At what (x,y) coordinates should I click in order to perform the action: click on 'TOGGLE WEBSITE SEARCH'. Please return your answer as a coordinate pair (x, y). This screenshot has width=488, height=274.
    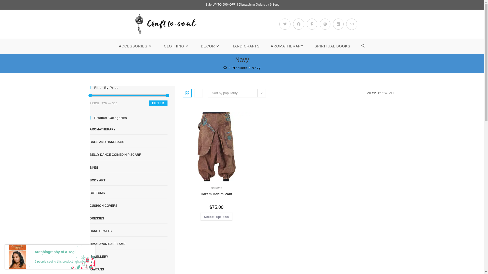
    Looking at the image, I should click on (363, 46).